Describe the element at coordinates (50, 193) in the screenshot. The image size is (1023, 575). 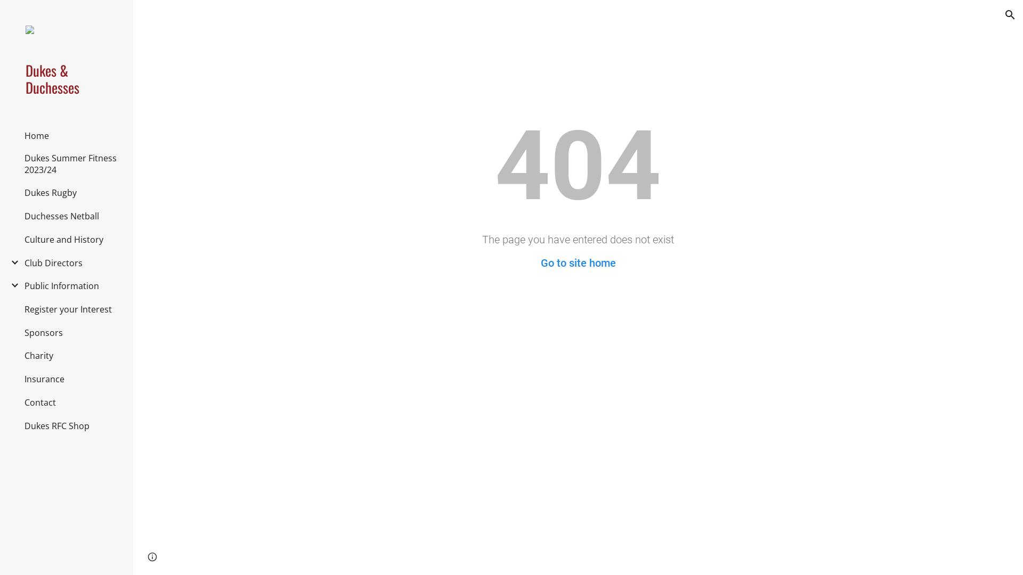
I see `'Dukes Rugby'` at that location.